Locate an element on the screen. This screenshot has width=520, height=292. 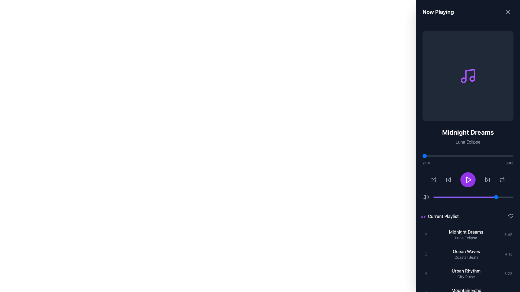
the static text label displaying the title of the current track in the 'Current Playlist' section is located at coordinates (466, 231).